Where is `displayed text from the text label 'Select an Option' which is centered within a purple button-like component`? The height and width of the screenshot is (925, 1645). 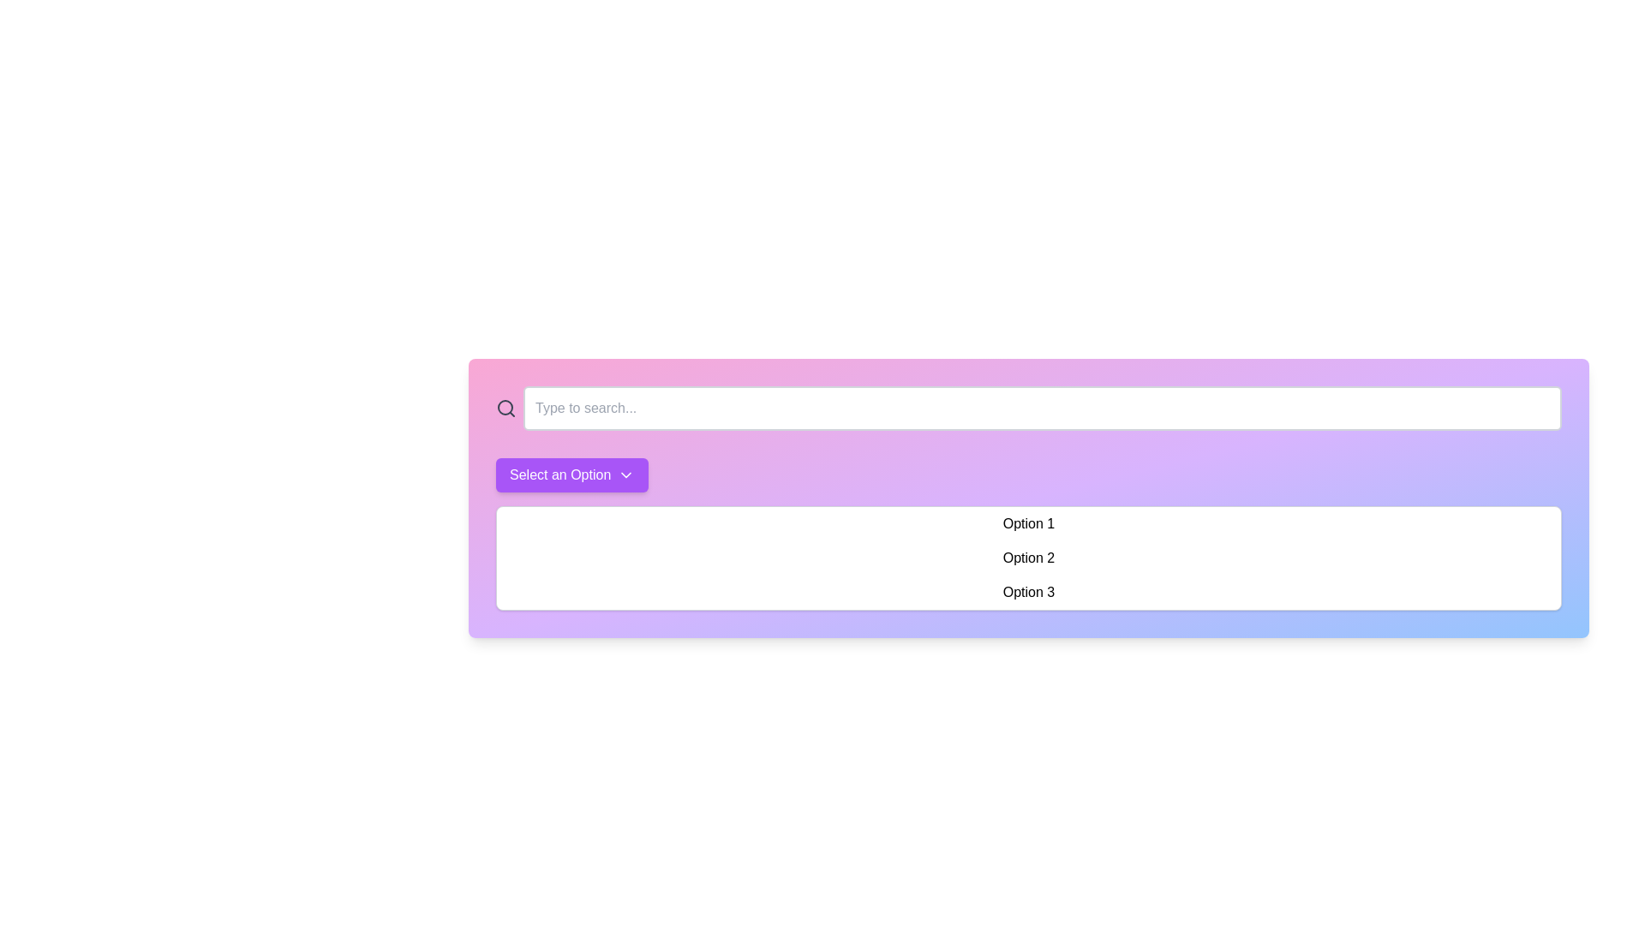 displayed text from the text label 'Select an Option' which is centered within a purple button-like component is located at coordinates (560, 475).